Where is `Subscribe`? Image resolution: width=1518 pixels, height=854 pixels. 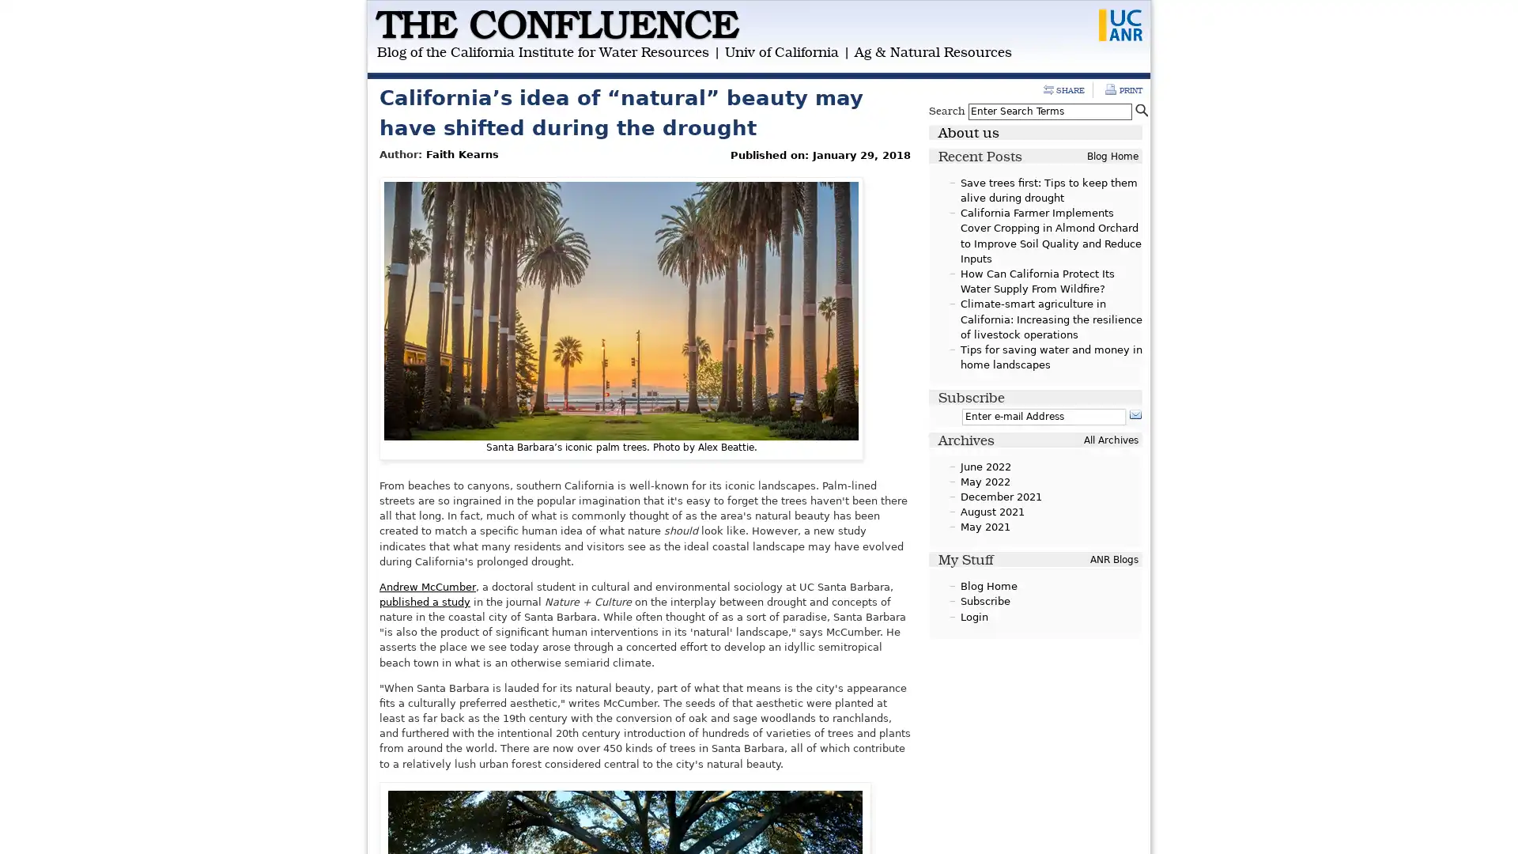 Subscribe is located at coordinates (1135, 414).